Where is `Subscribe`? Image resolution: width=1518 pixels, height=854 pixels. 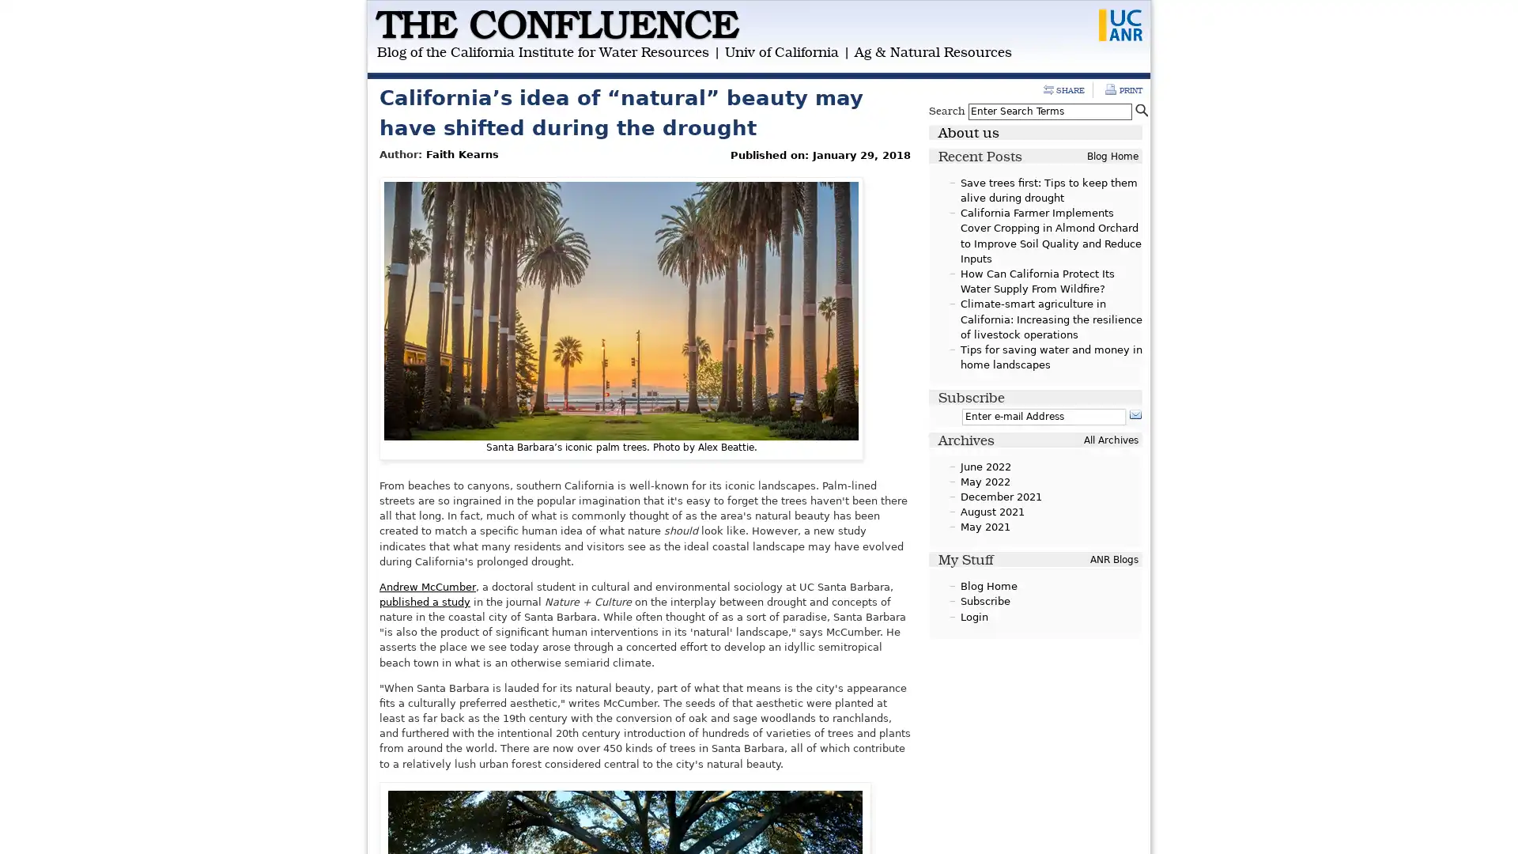 Subscribe is located at coordinates (1135, 414).